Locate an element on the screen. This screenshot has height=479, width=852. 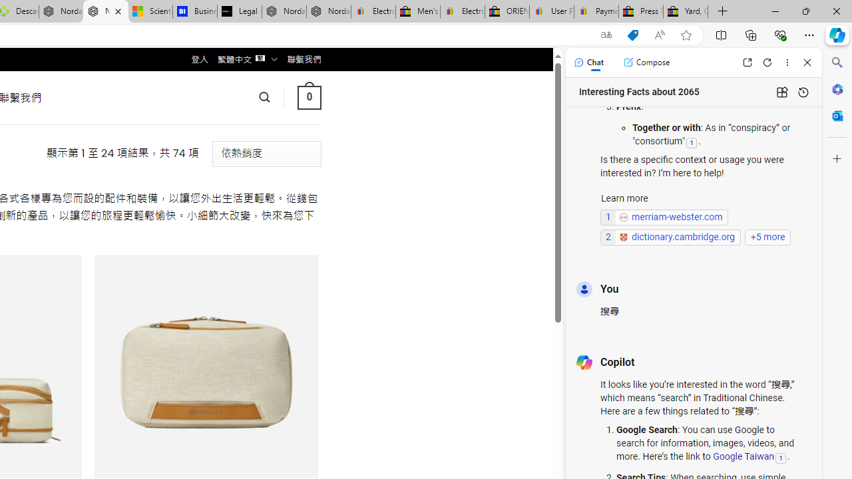
'Press Room - eBay Inc.' is located at coordinates (641, 11).